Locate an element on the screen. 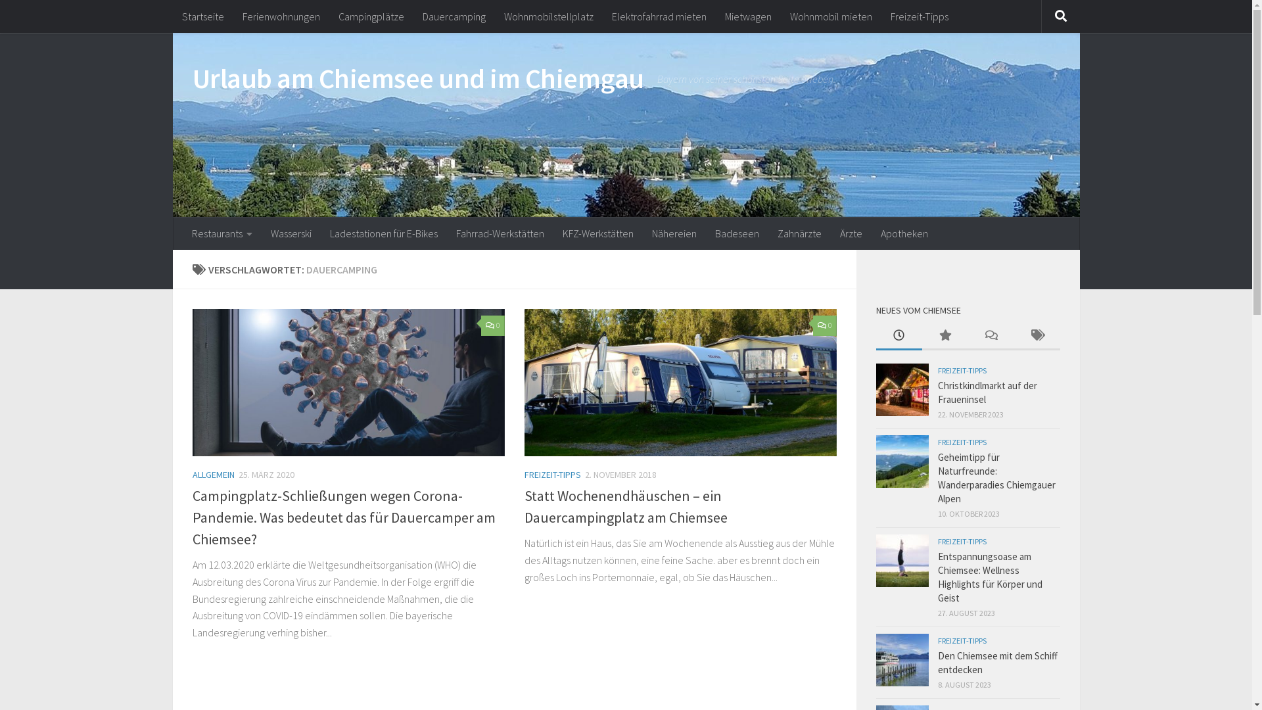 This screenshot has width=1262, height=710. 'Dauercamping' is located at coordinates (454, 16).